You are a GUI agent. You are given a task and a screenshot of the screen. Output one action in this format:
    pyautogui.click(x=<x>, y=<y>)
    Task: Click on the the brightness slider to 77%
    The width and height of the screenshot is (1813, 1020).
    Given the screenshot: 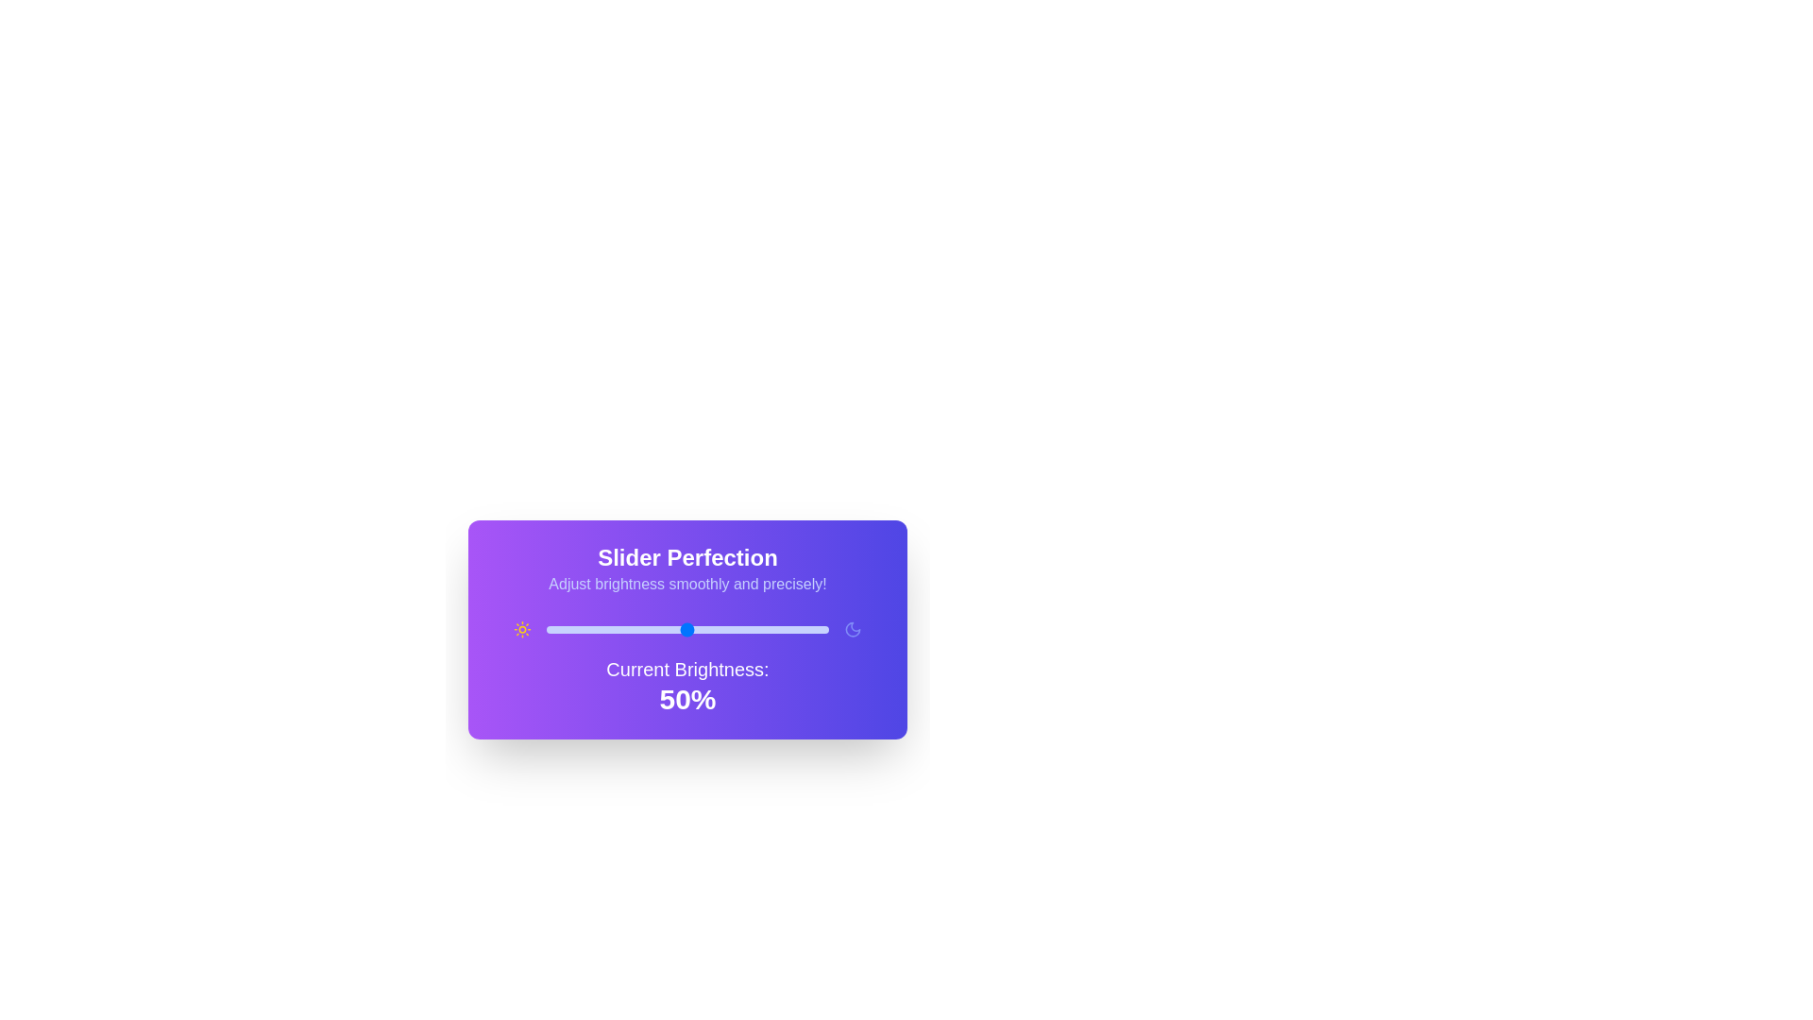 What is the action you would take?
    pyautogui.click(x=763, y=630)
    